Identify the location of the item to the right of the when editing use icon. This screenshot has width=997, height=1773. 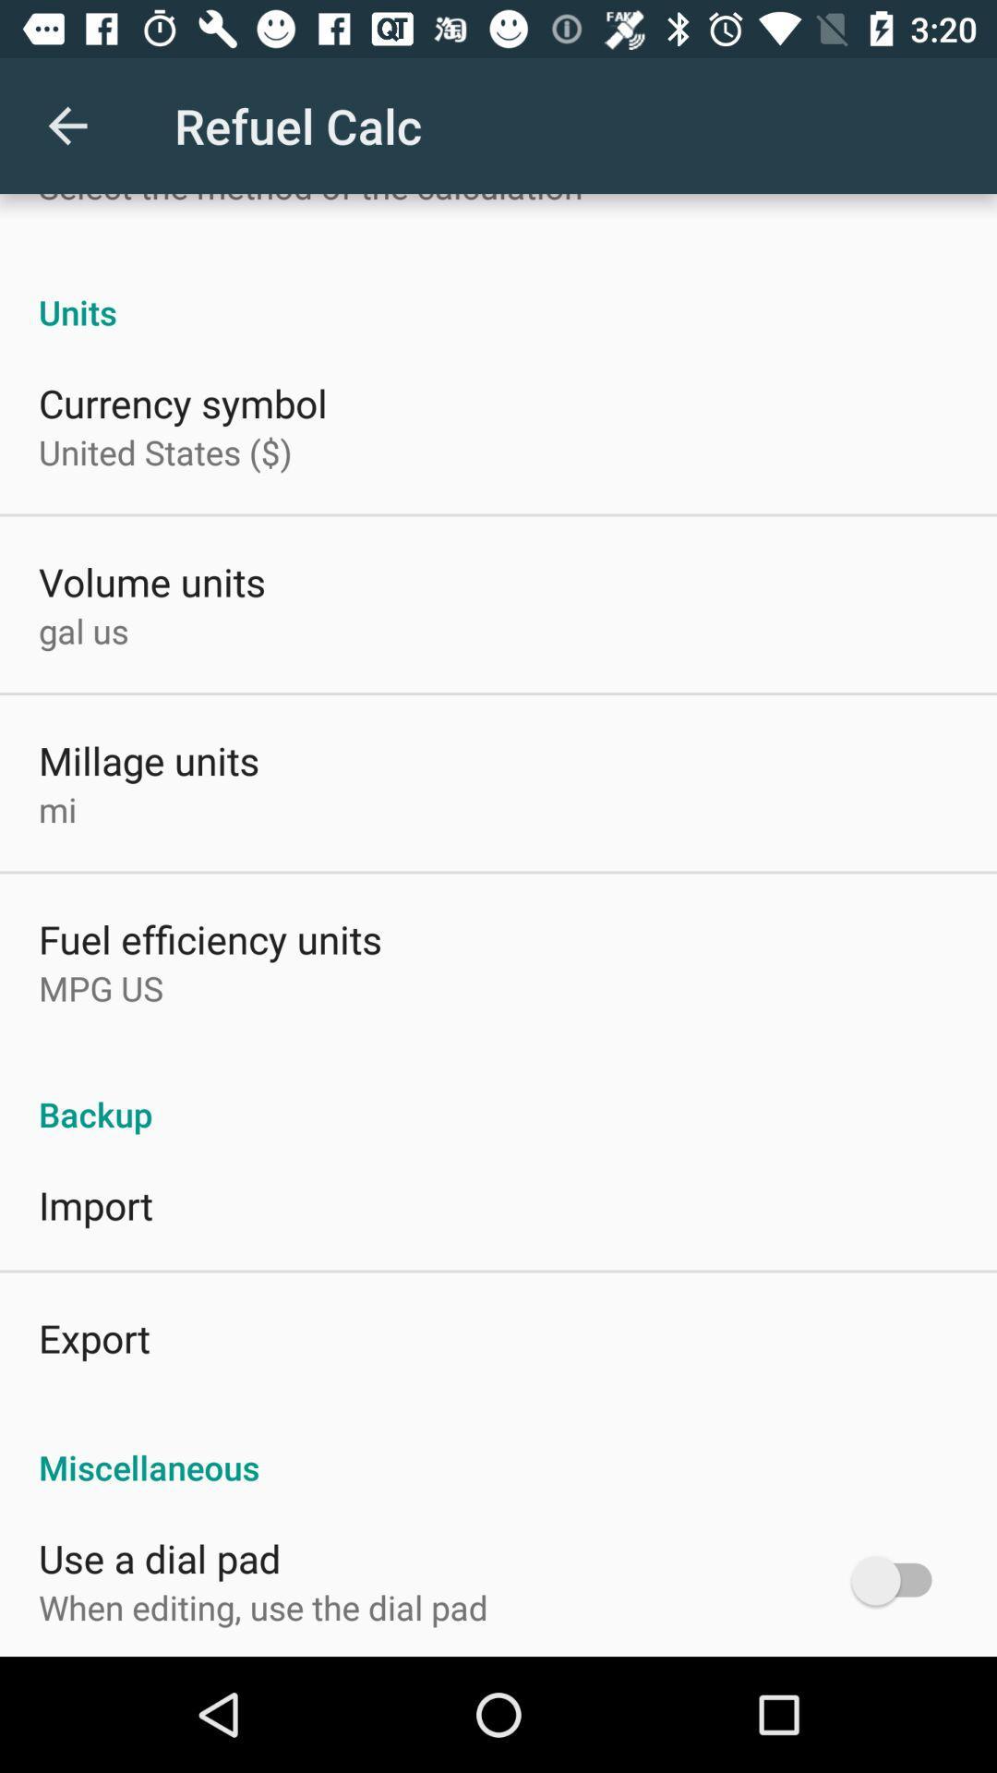
(899, 1579).